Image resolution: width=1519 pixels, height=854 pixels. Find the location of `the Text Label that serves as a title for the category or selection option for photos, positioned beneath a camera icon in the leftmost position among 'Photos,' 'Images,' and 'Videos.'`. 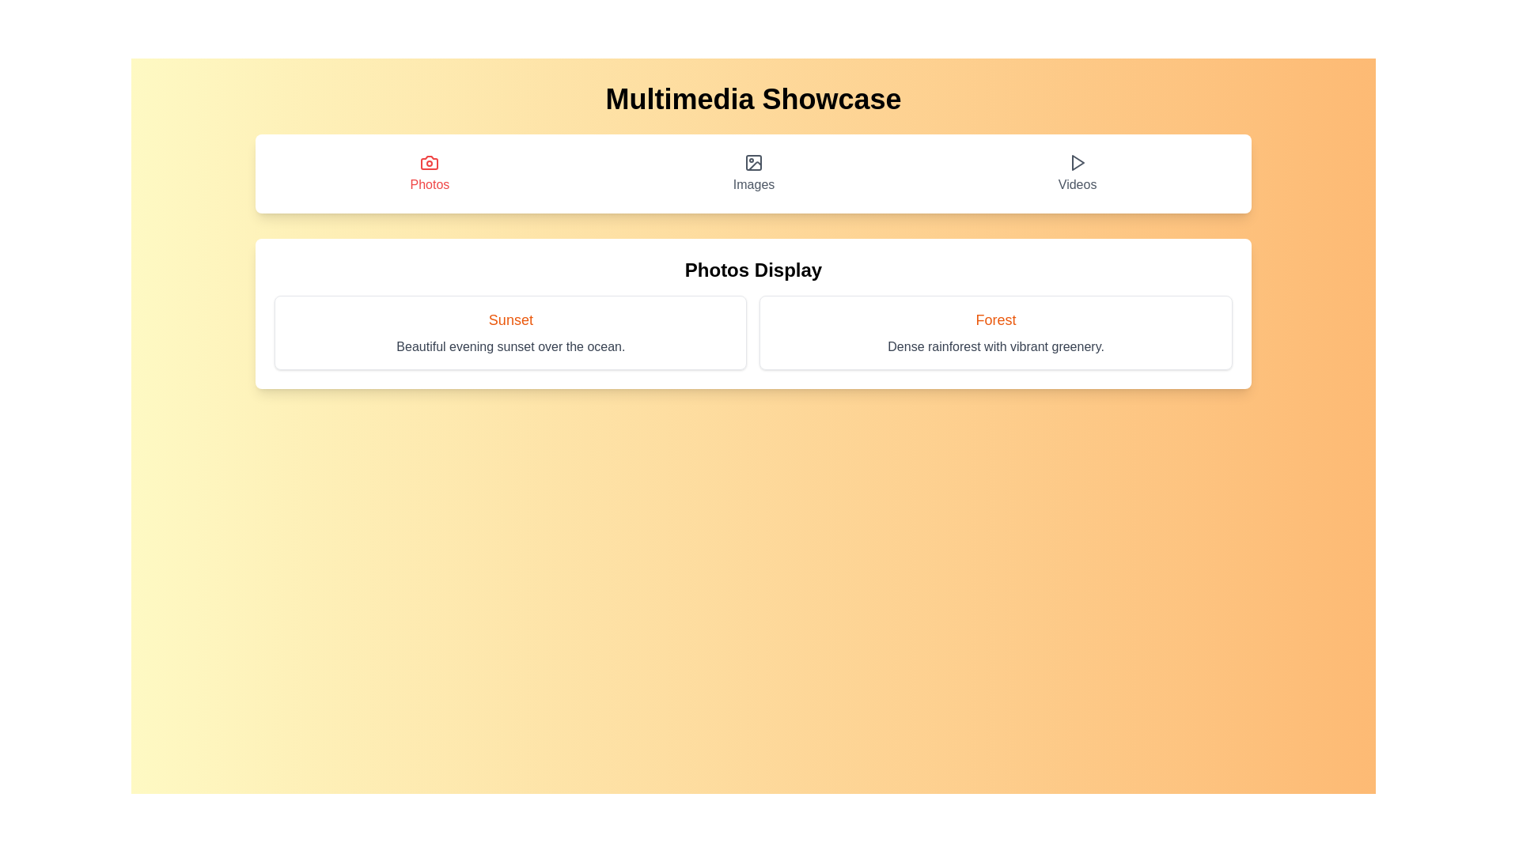

the Text Label that serves as a title for the category or selection option for photos, positioned beneath a camera icon in the leftmost position among 'Photos,' 'Images,' and 'Videos.' is located at coordinates (430, 184).